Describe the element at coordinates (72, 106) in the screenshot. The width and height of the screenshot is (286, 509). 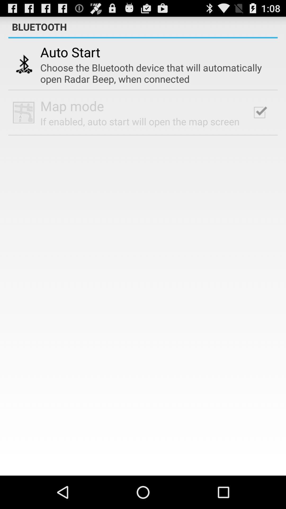
I see `the app above the if enabled auto` at that location.